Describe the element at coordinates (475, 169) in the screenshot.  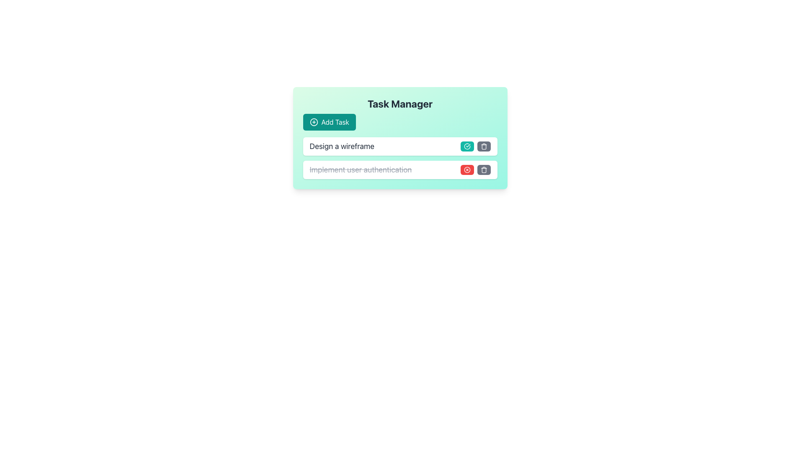
I see `the left button of the Button Group, which has a red background and white border, to undo or reject the task's completion for 'Implement user authentication'` at that location.